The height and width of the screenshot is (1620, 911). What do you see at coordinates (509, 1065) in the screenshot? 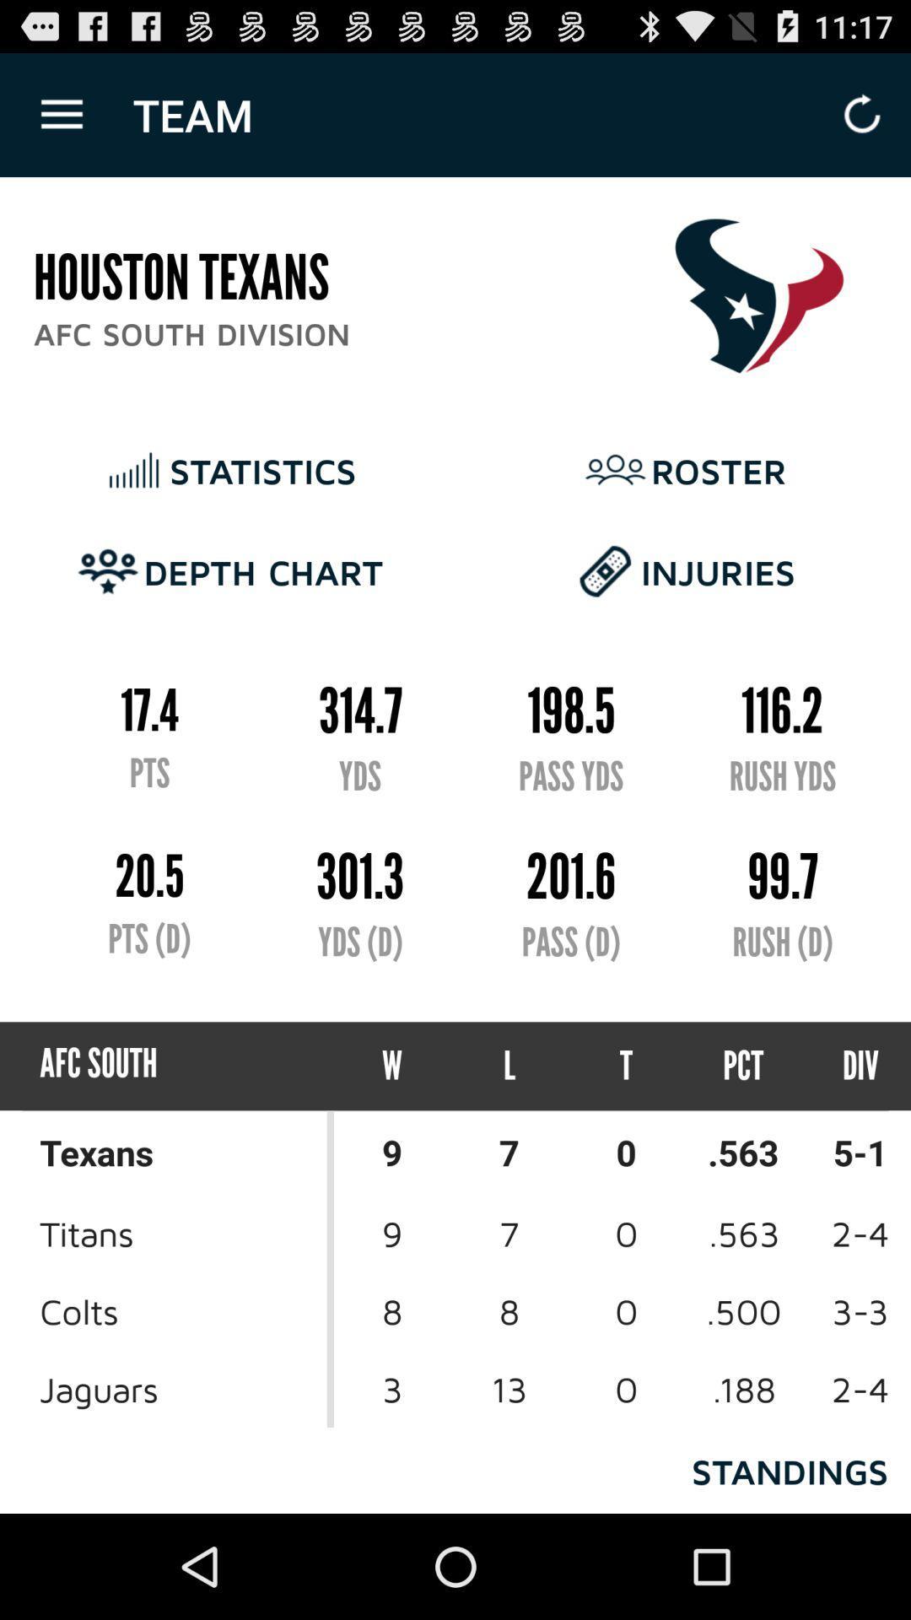
I see `the l item` at bounding box center [509, 1065].